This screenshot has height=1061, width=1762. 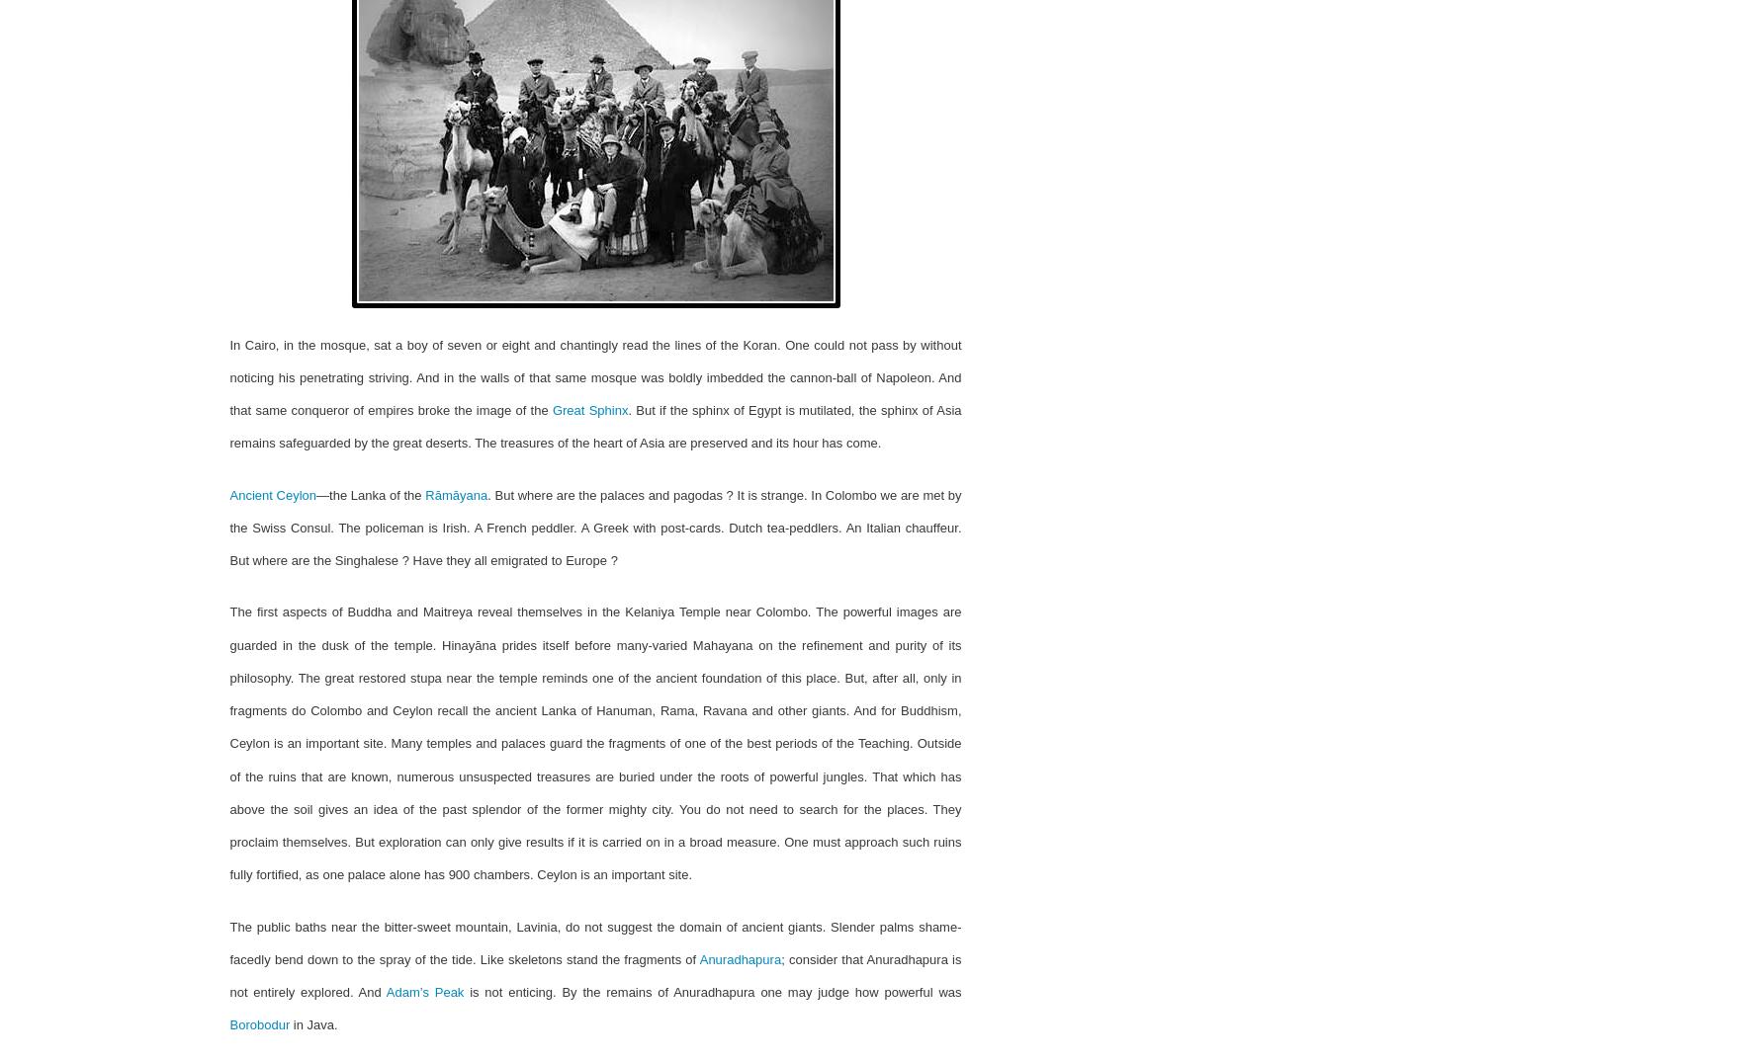 I want to click on '. But where are the palaces and pagodas ? It is strange. In Colombo we are met by the Swiss Consul. The policeman is Irish. A French peddler. A Greek with post-cards. Dutch tea-peddlers. An Italian chauffeur. But where are the Singhalese ? Have they all emigrated to Europe ?', so click(x=594, y=527).